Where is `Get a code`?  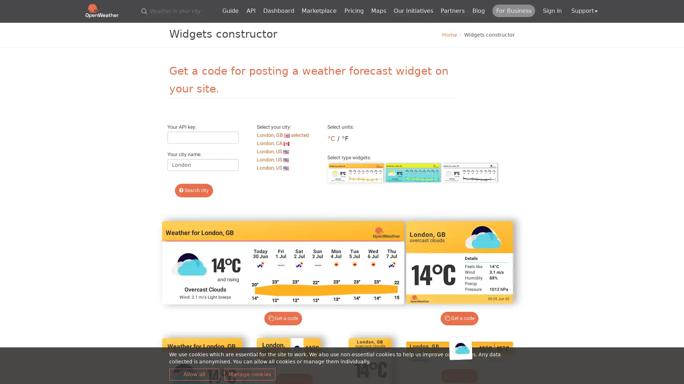
Get a code is located at coordinates (459, 318).